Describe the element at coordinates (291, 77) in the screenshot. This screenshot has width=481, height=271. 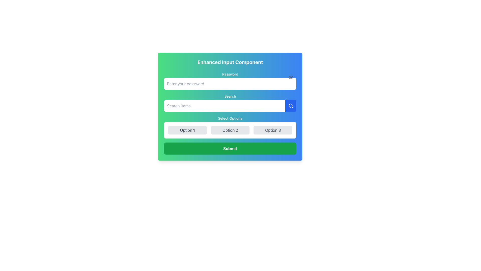
I see `the ring-shaped eye icon located on the far-right side of the password input field` at that location.